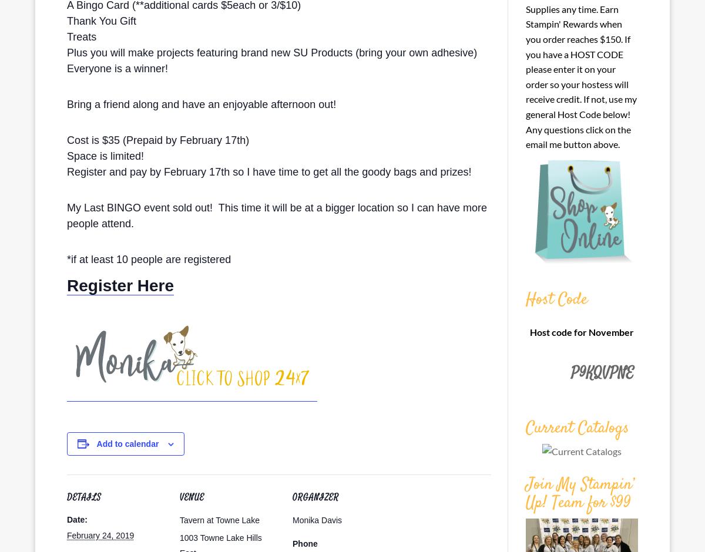 The width and height of the screenshot is (705, 552). Describe the element at coordinates (99, 534) in the screenshot. I see `'February 24, 2019'` at that location.